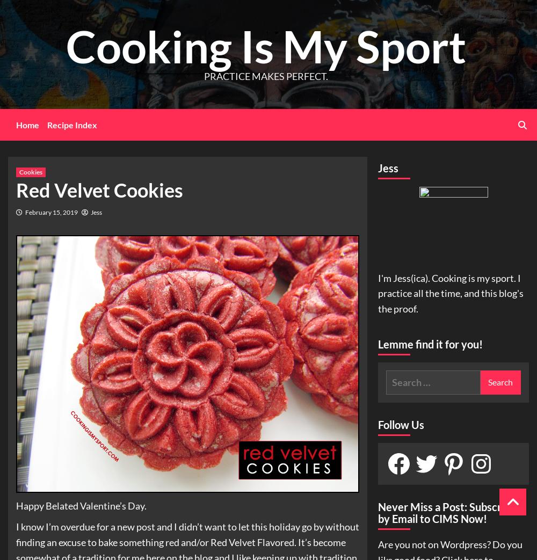  I want to click on 'Lemme find it for you!', so click(378, 343).